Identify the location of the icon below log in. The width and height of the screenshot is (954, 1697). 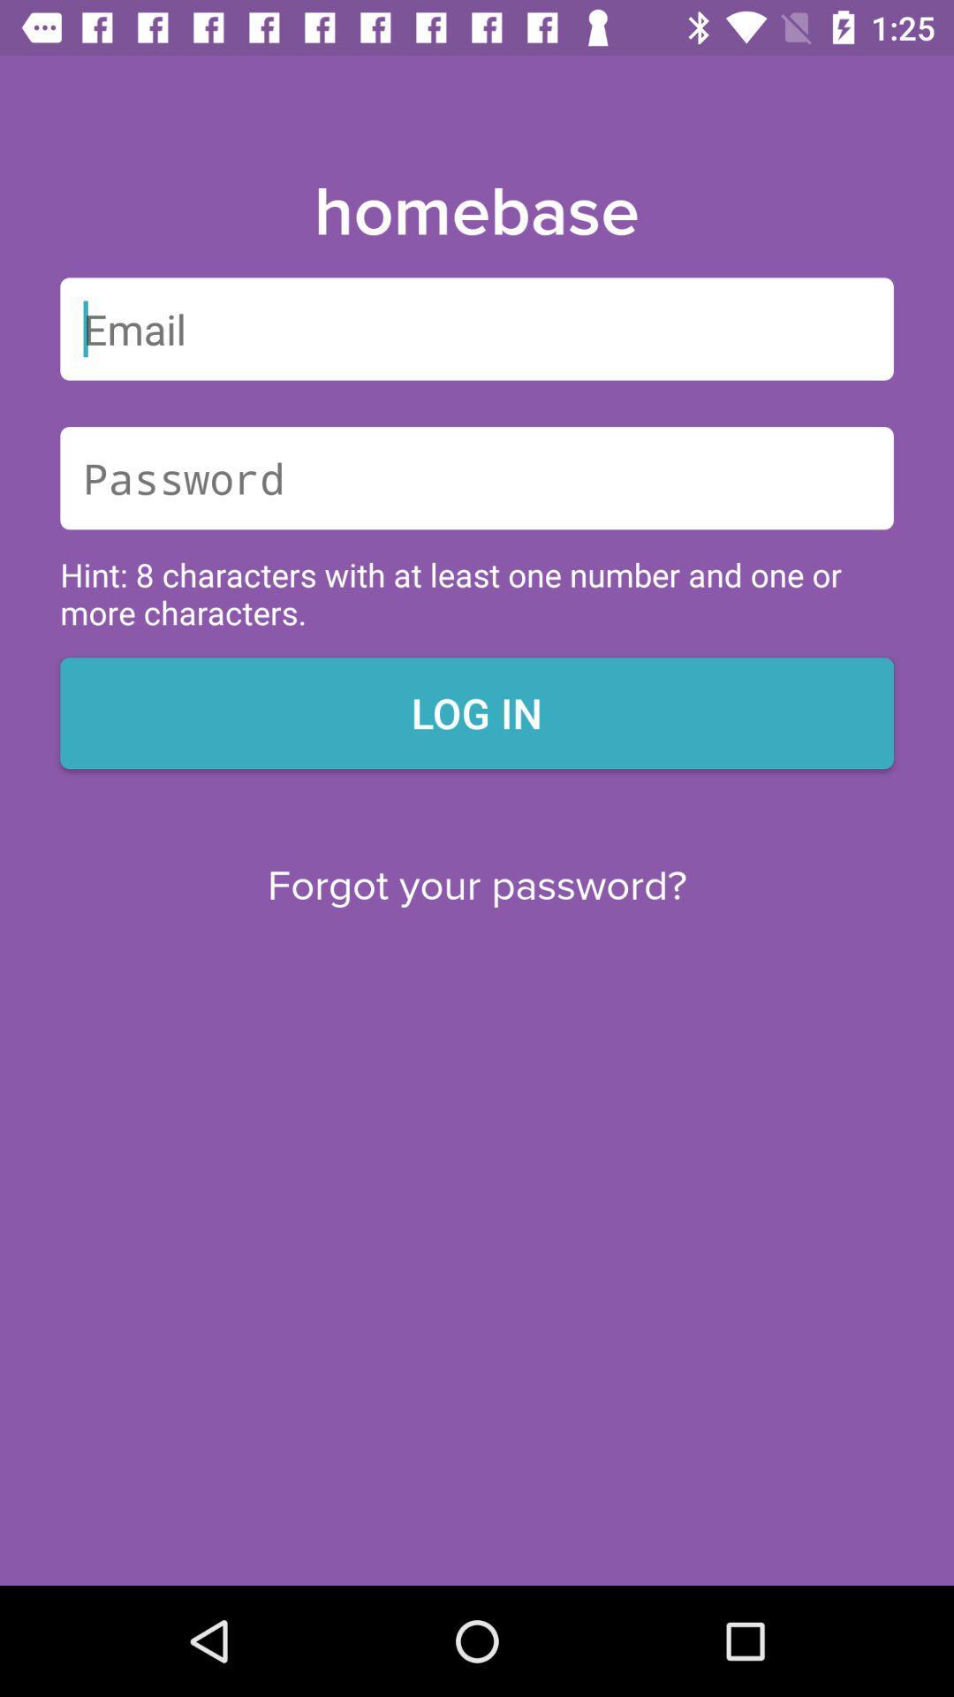
(477, 887).